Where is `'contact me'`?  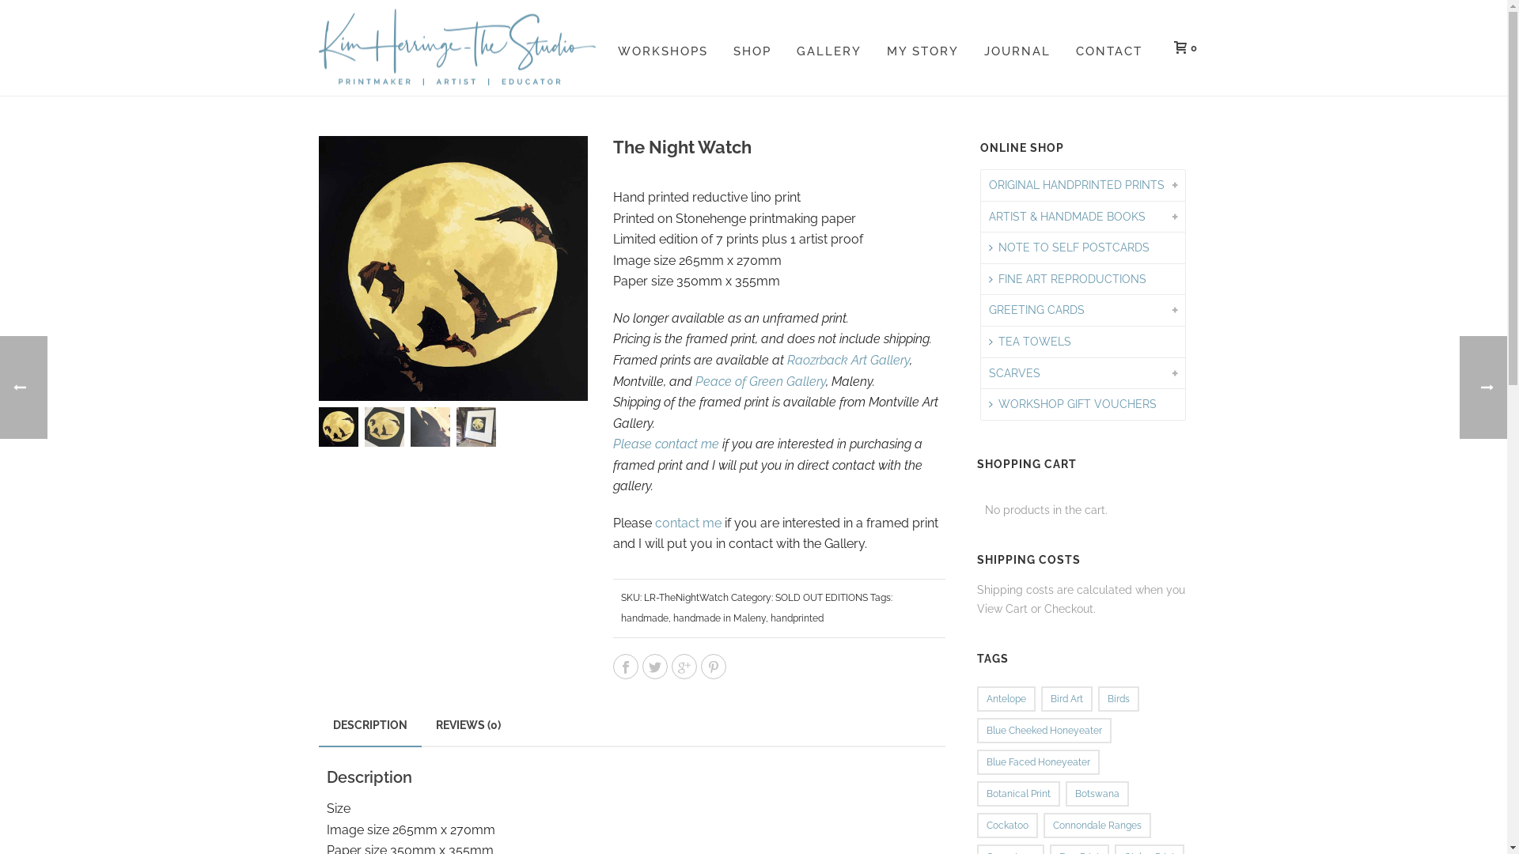 'contact me' is located at coordinates (688, 523).